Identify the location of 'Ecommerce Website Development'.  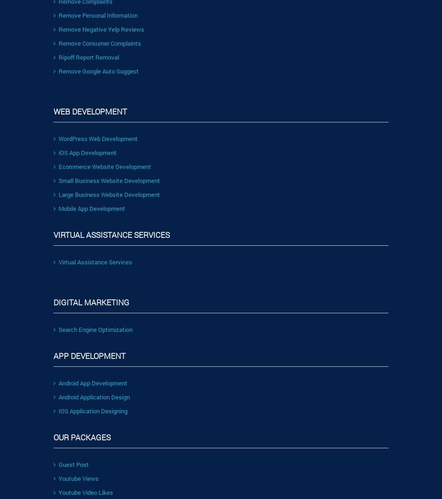
(105, 166).